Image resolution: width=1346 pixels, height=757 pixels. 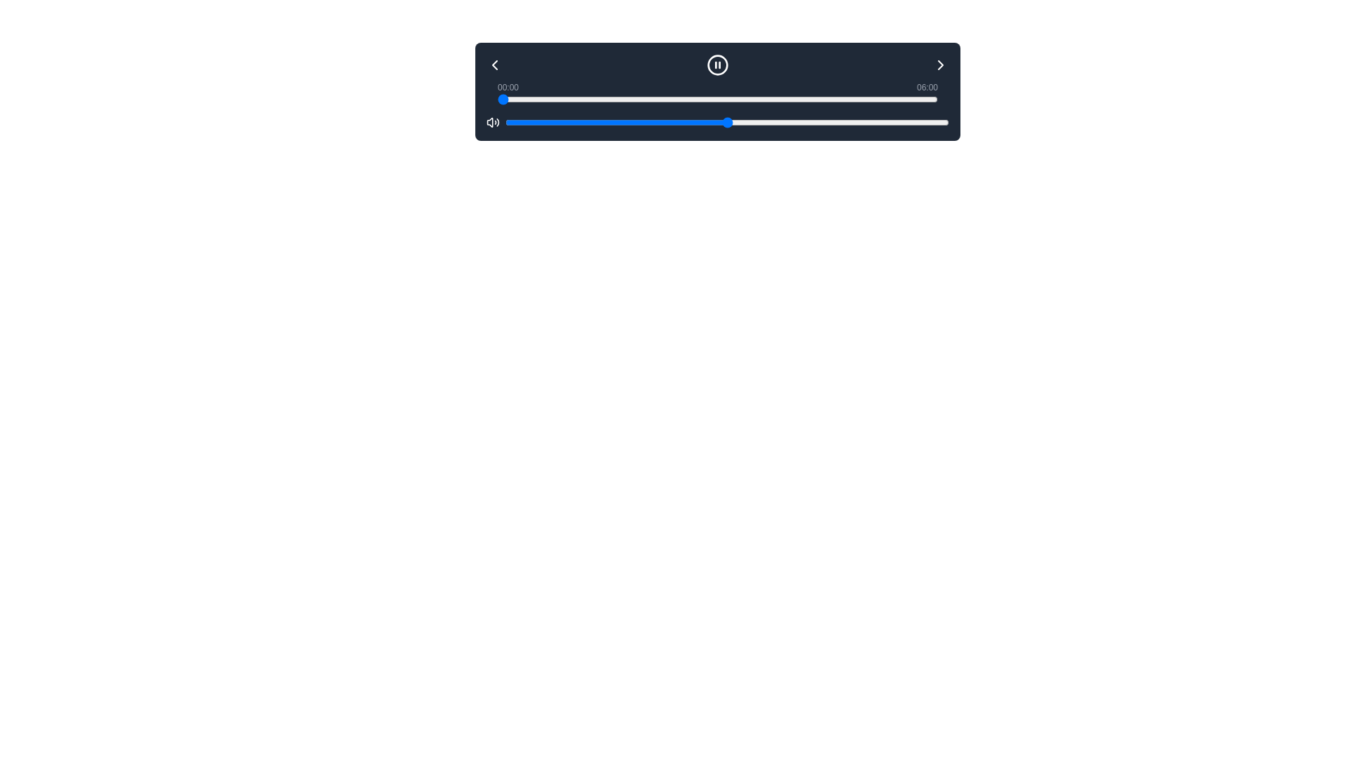 What do you see at coordinates (941, 64) in the screenshot?
I see `the navigational arrow icon located in the upper right section of the interface` at bounding box center [941, 64].